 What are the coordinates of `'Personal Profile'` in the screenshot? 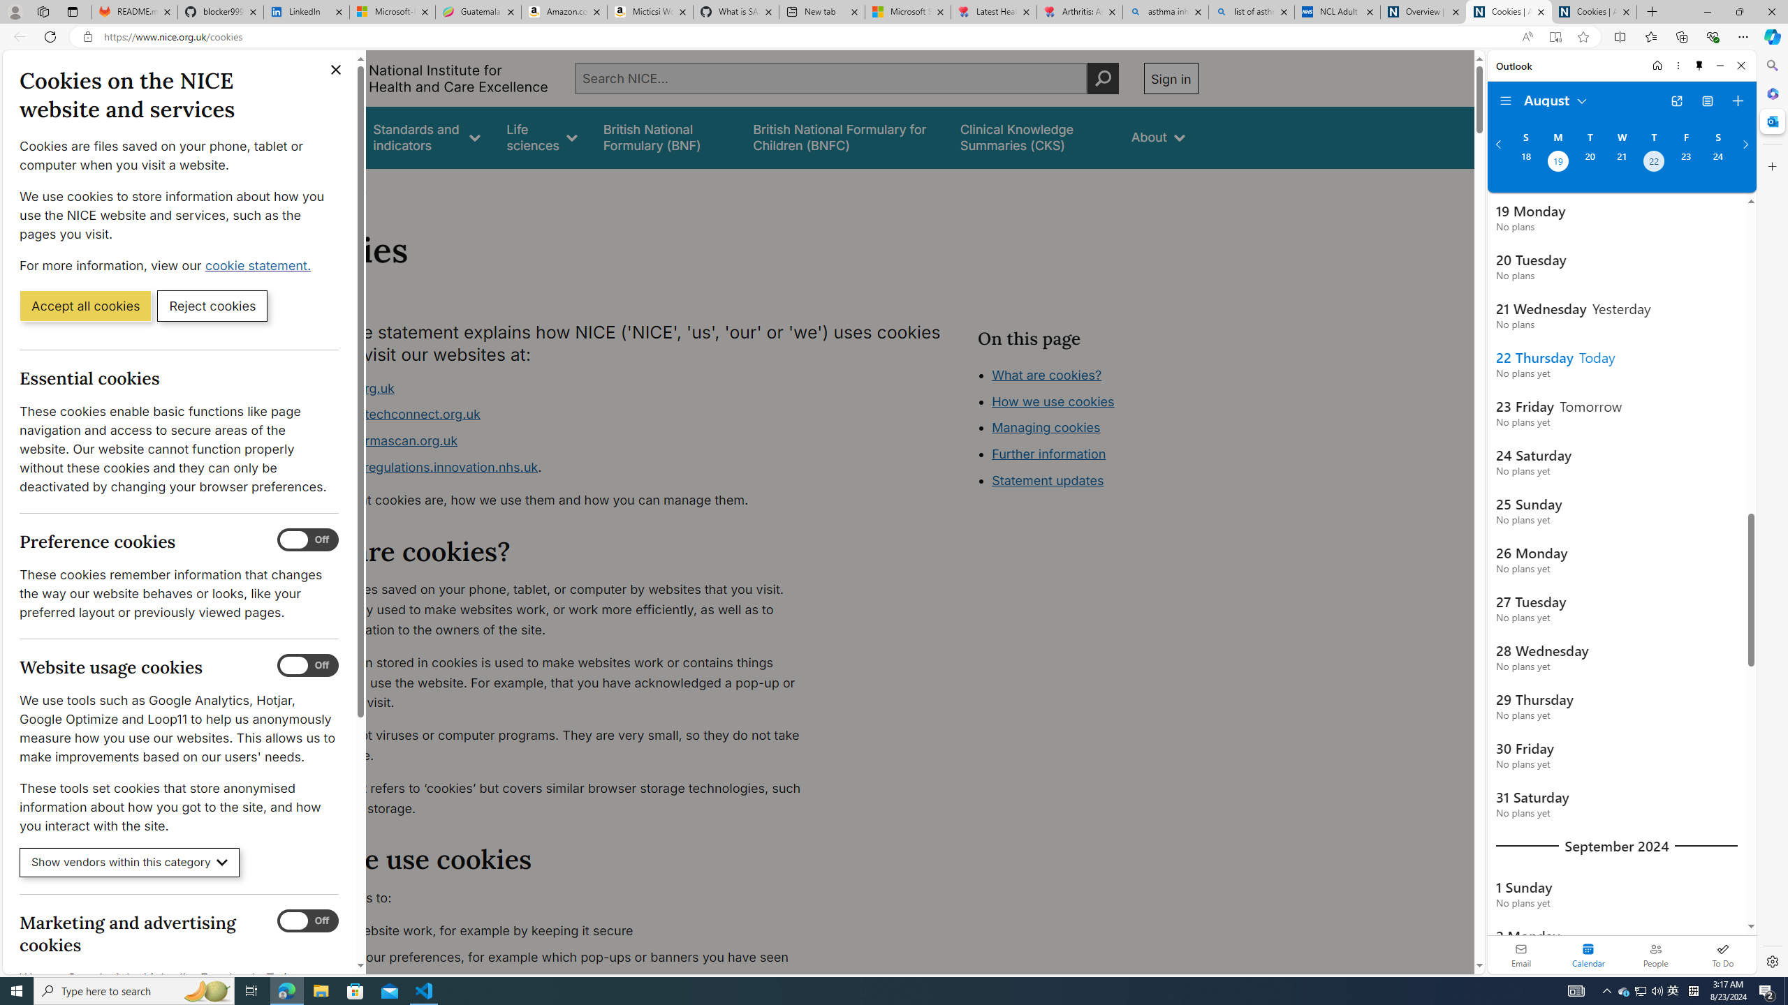 It's located at (14, 11).